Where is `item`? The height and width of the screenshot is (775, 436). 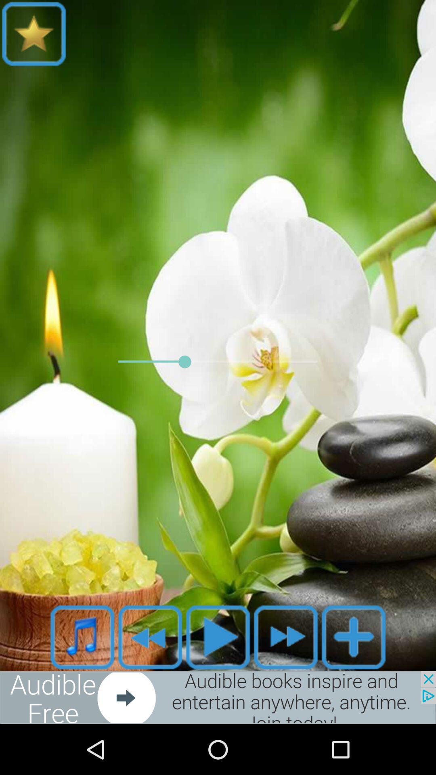
item is located at coordinates (353, 637).